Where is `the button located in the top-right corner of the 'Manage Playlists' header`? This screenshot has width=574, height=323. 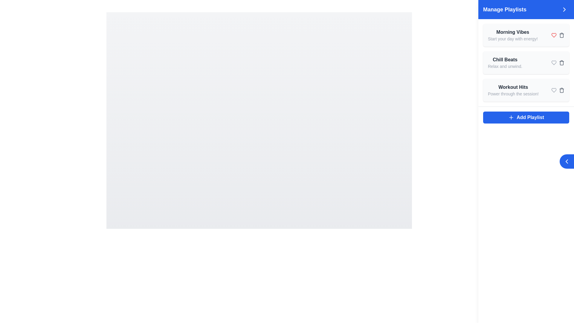 the button located in the top-right corner of the 'Manage Playlists' header is located at coordinates (564, 9).